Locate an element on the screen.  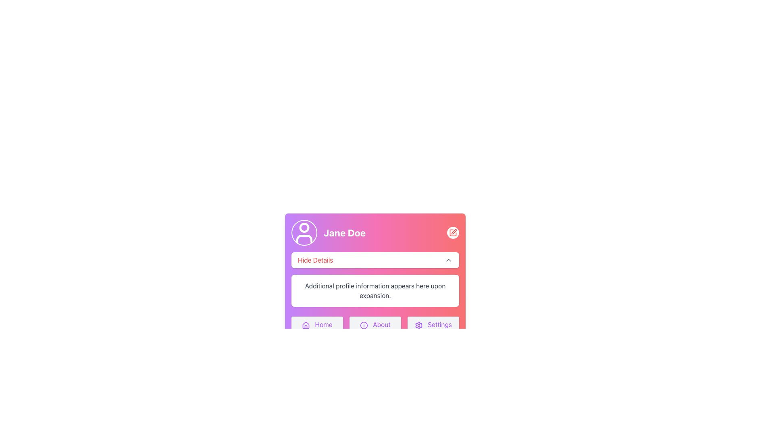
the chevron-up icon within the 'Hide Details' button is located at coordinates (448, 260).